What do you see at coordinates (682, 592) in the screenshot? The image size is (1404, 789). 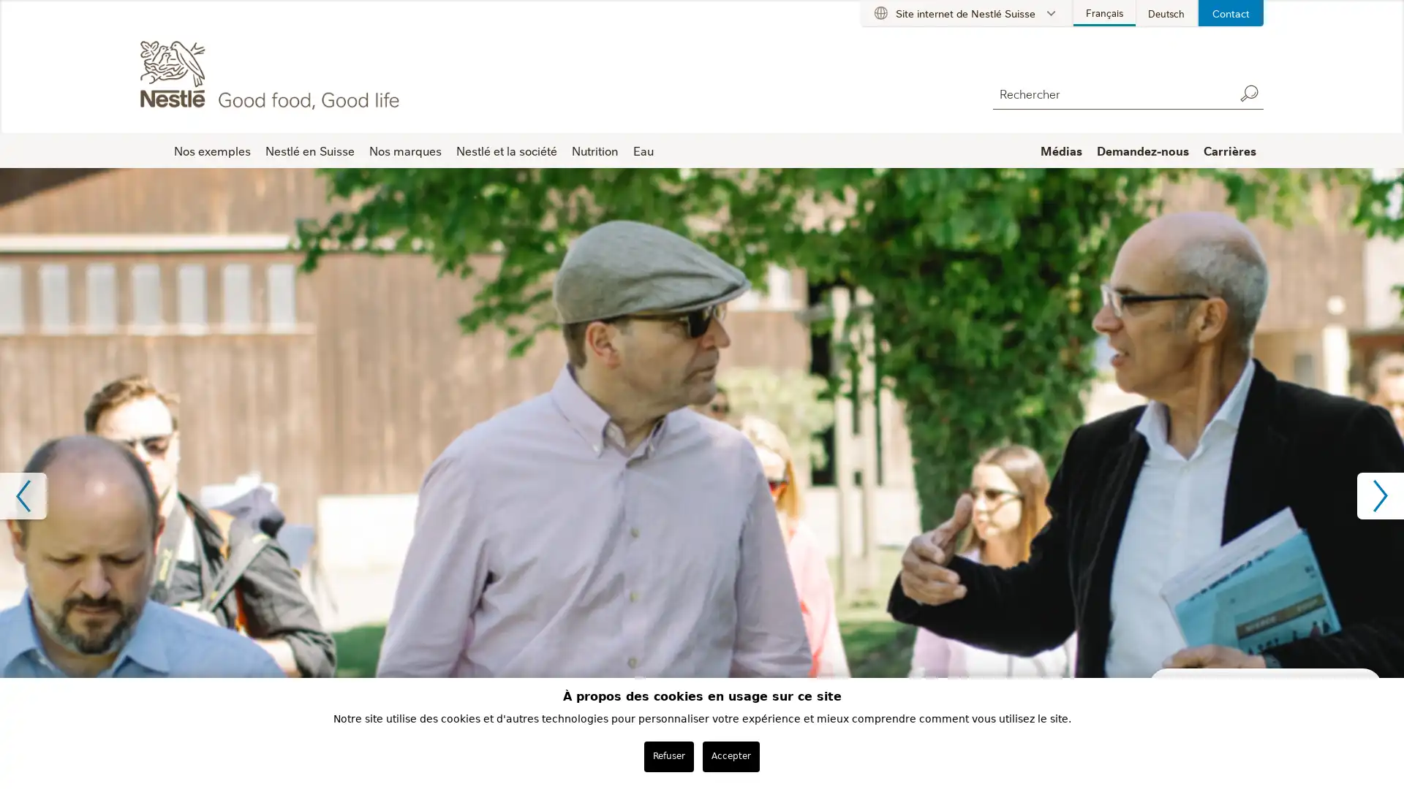 I see `2 of 5` at bounding box center [682, 592].